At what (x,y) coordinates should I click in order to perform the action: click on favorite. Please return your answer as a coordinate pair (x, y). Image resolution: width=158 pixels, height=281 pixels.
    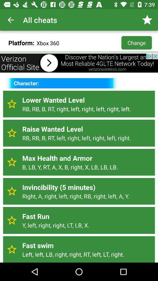
    Looking at the image, I should click on (12, 249).